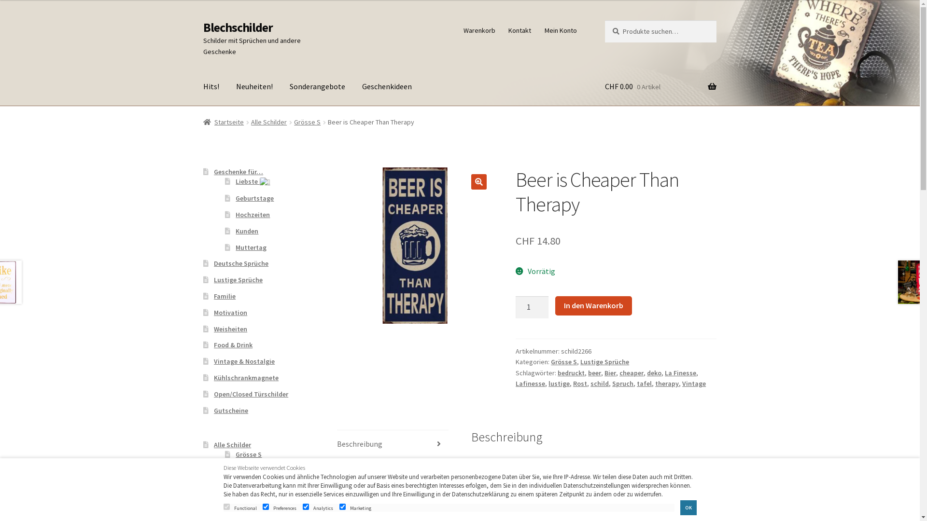  I want to click on 'Menge', so click(515, 307).